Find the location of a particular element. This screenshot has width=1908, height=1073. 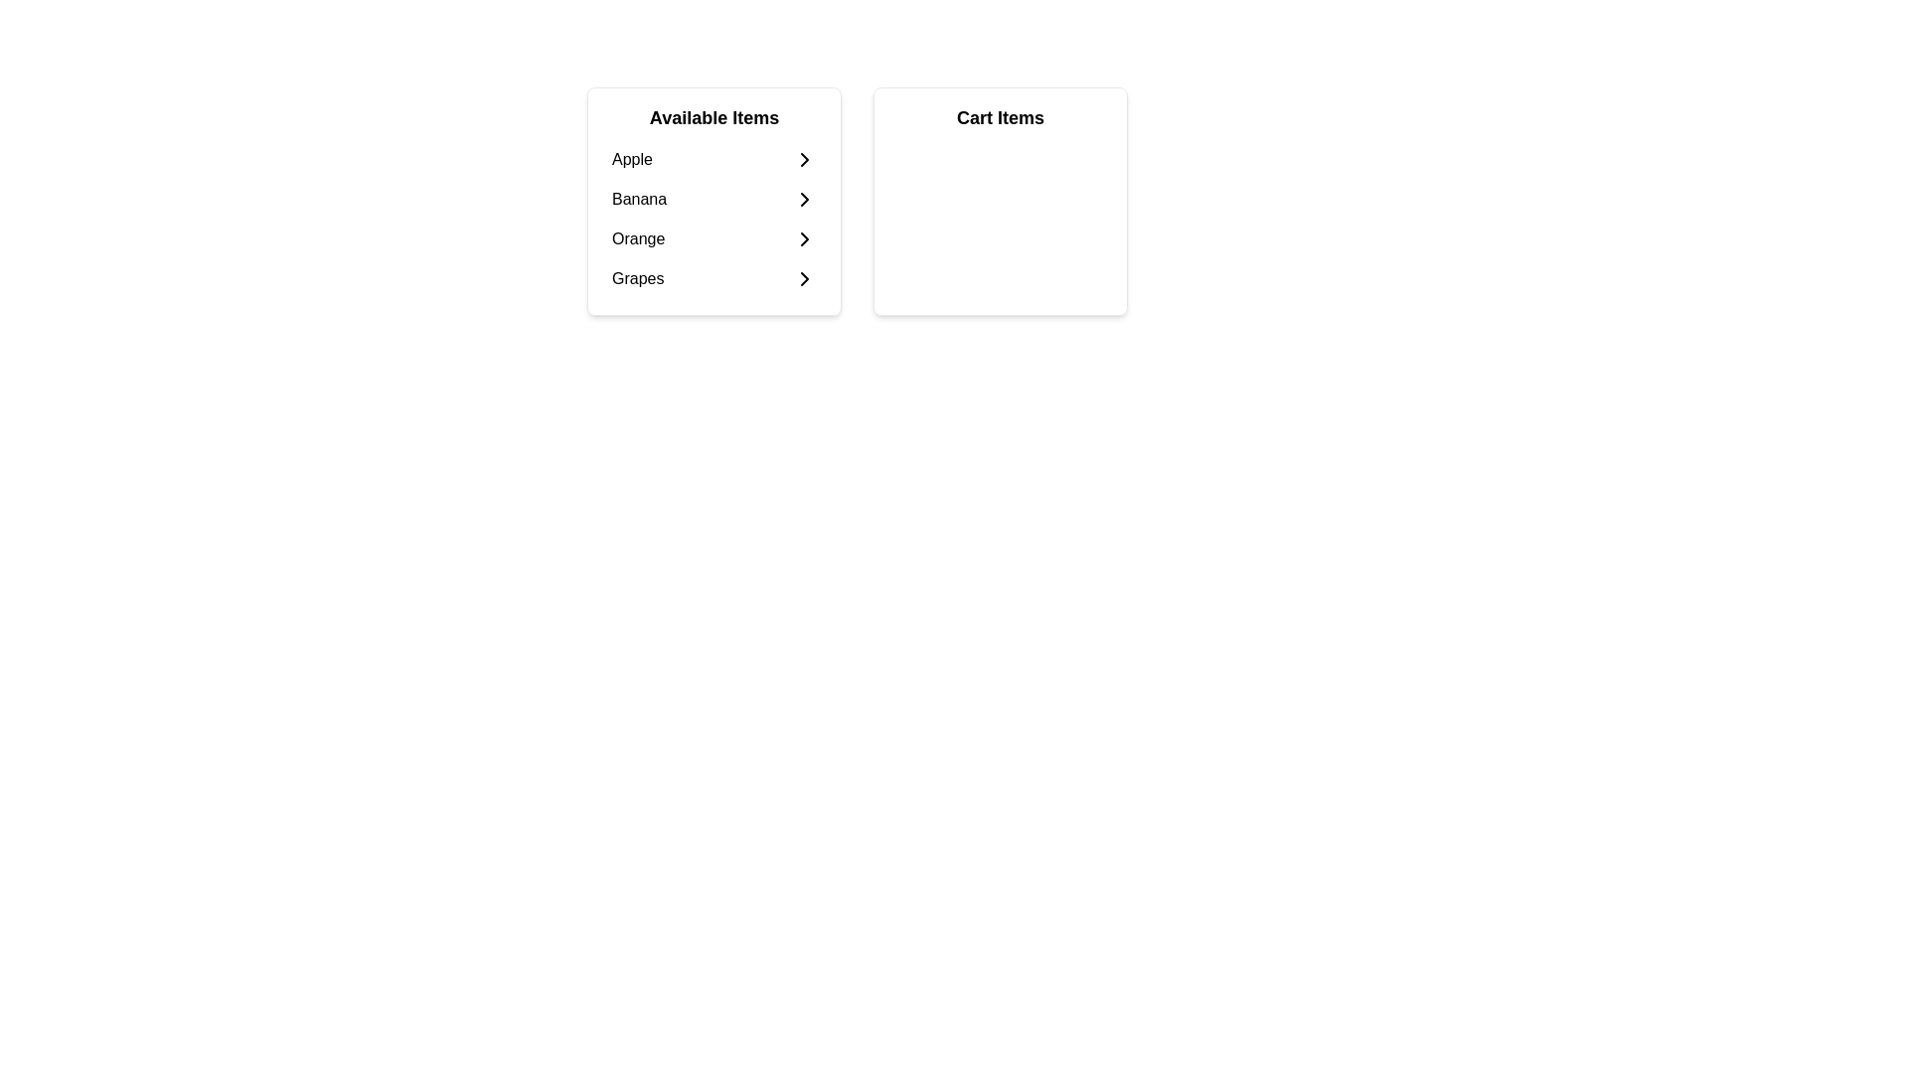

the right-pointing chevron icon that is styled with a black stroke on a white background next to the text 'Banana' in the 'Available Items' section is located at coordinates (805, 199).